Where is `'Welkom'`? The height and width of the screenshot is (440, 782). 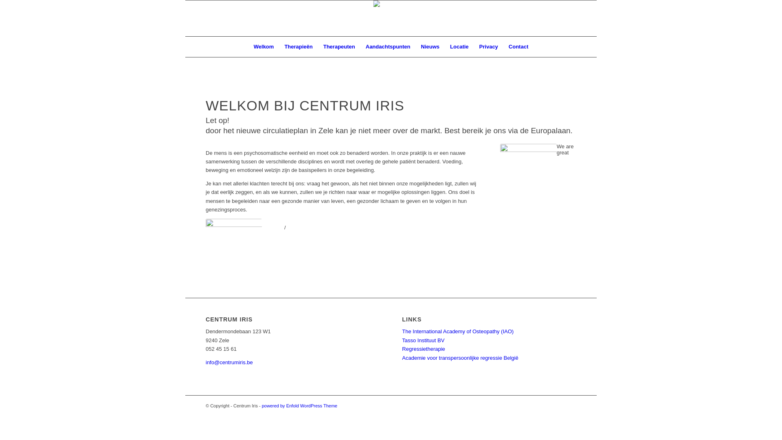
'Welkom' is located at coordinates (264, 47).